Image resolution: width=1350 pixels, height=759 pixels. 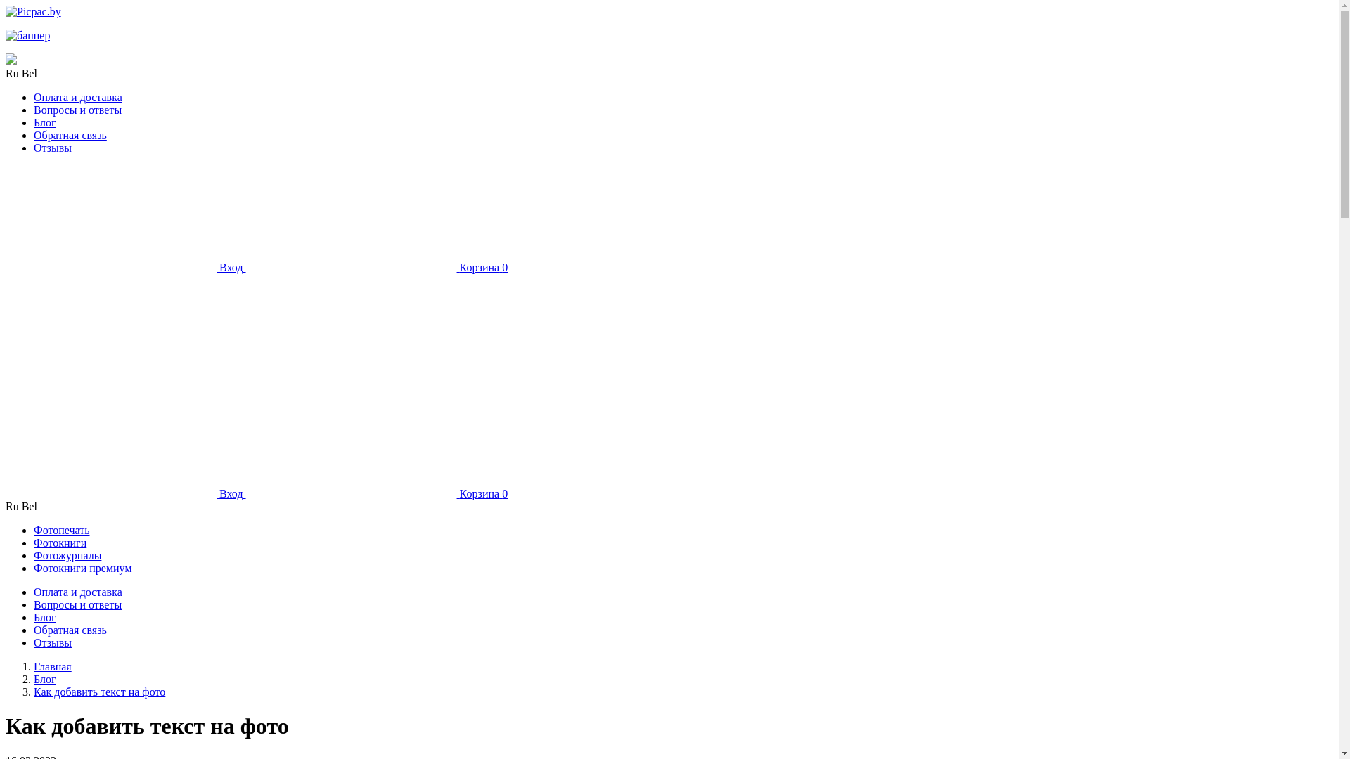 What do you see at coordinates (33, 11) in the screenshot?
I see `'Picpac.by'` at bounding box center [33, 11].